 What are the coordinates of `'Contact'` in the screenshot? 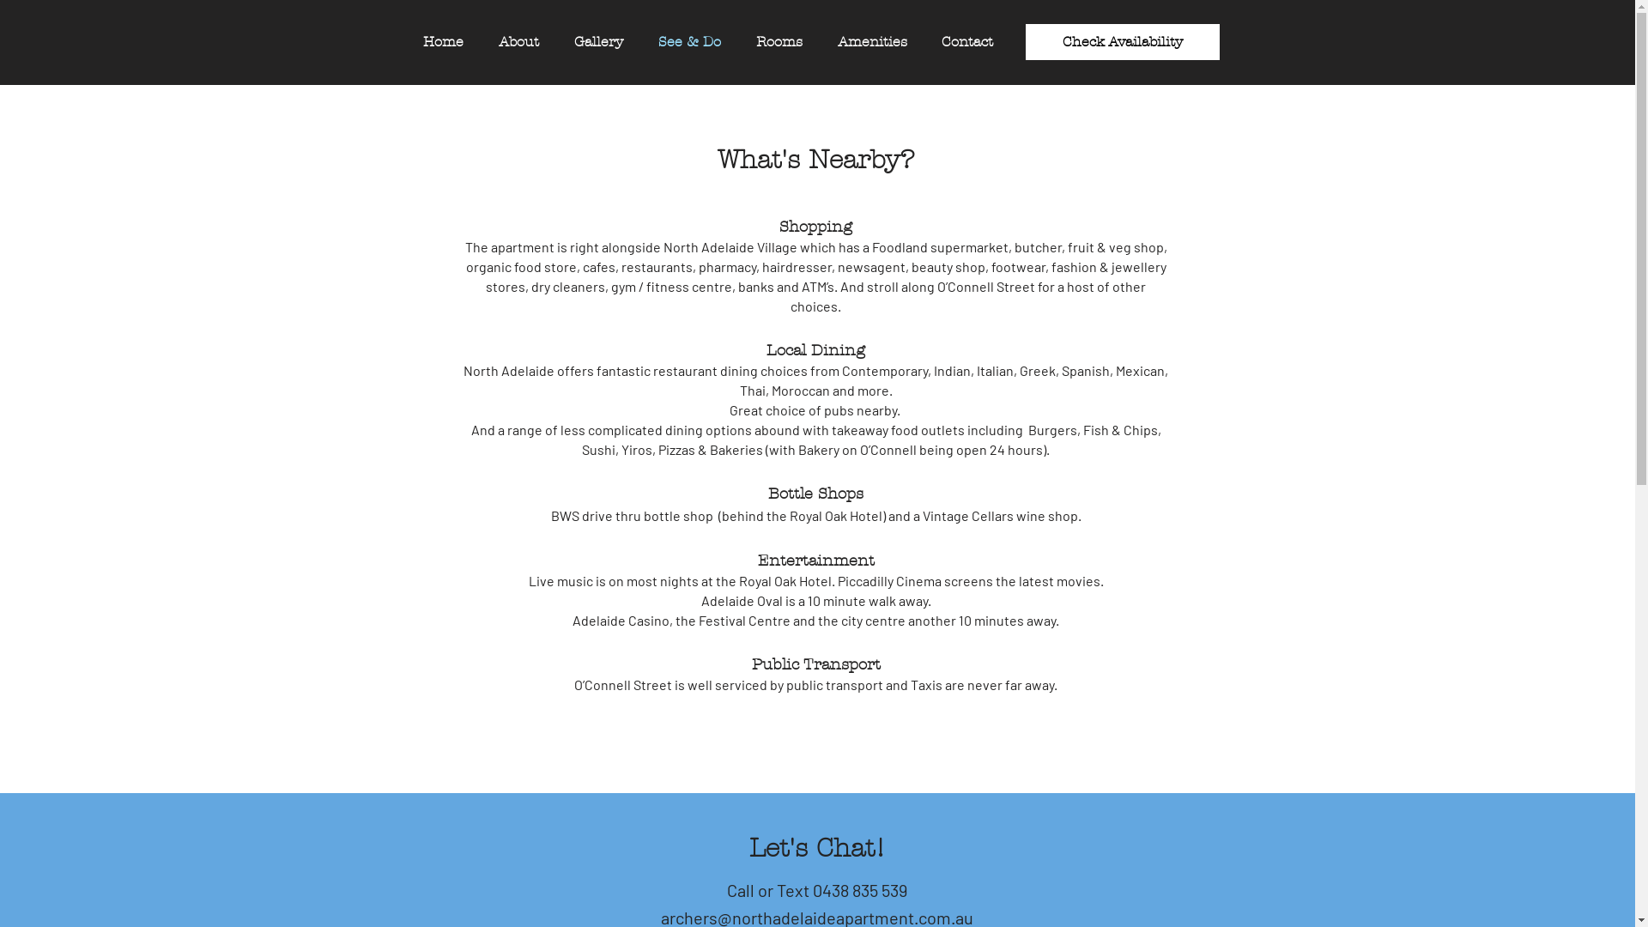 It's located at (966, 41).